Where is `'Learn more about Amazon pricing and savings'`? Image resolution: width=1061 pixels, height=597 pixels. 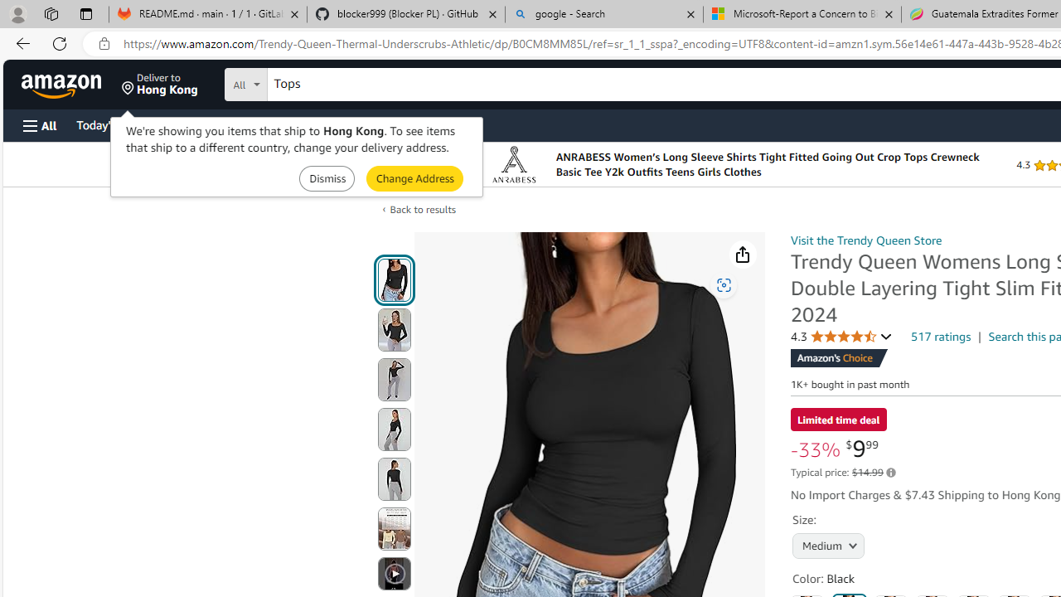 'Learn more about Amazon pricing and savings' is located at coordinates (889, 473).